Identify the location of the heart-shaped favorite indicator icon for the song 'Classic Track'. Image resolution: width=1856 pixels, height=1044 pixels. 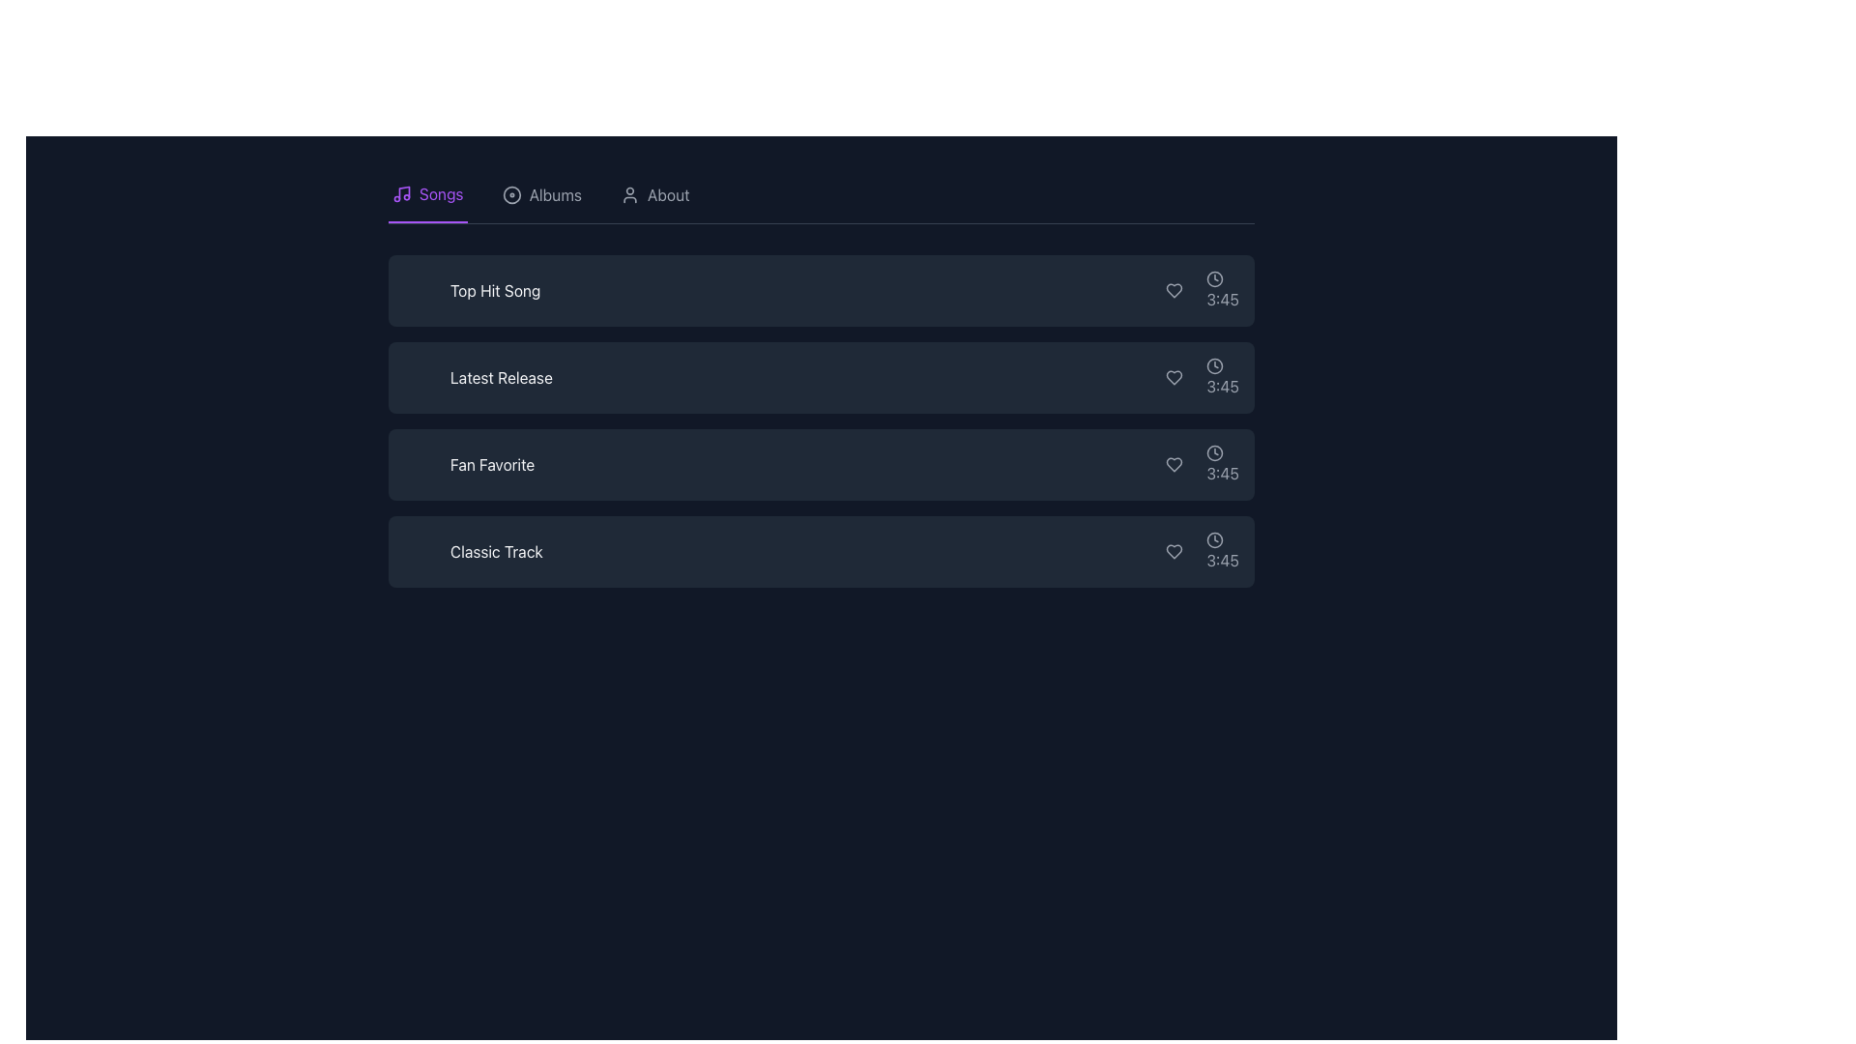
(1174, 551).